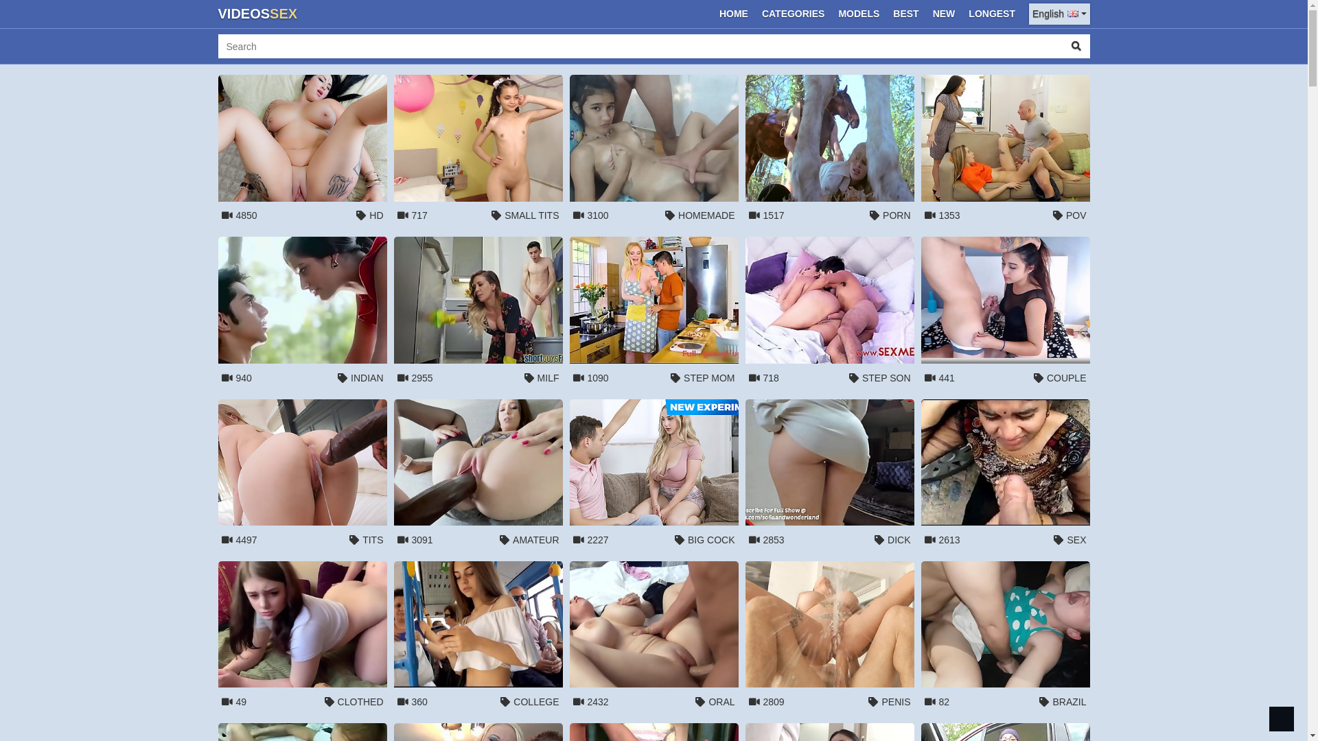 This screenshot has height=741, width=1318. What do you see at coordinates (921, 475) in the screenshot?
I see `'2613` at bounding box center [921, 475].